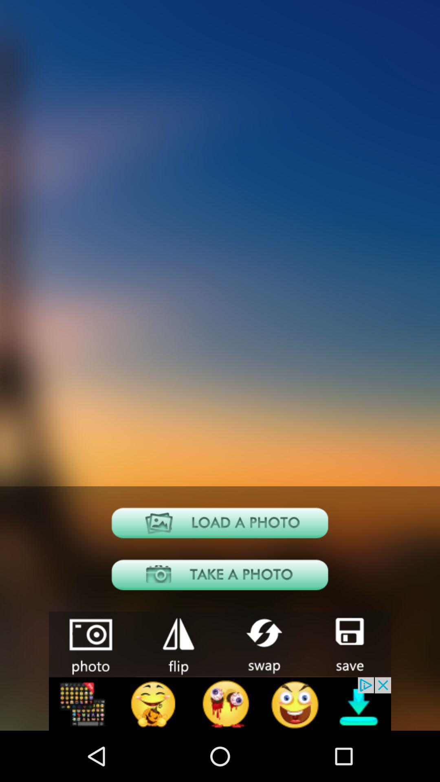 The height and width of the screenshot is (782, 440). Describe the element at coordinates (220, 523) in the screenshot. I see `photo` at that location.